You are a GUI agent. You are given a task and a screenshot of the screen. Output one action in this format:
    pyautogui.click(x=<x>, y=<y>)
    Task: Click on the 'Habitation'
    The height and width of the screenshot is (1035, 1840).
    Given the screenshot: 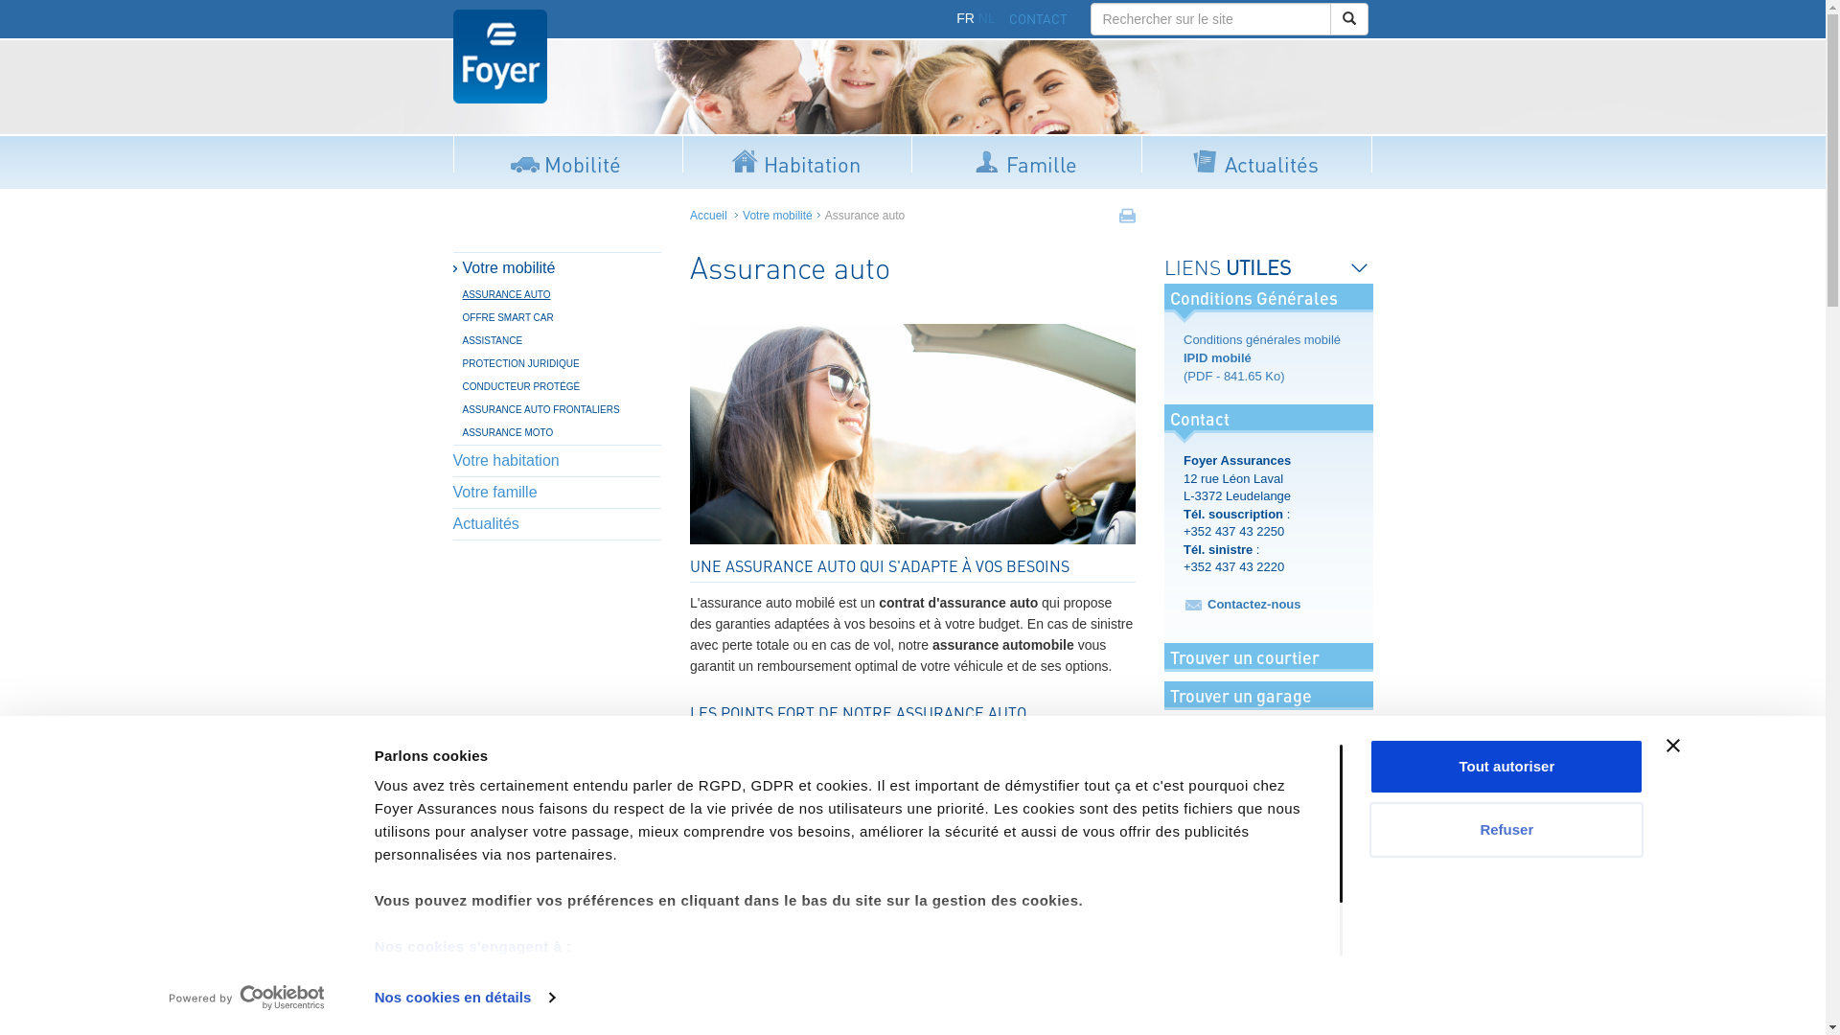 What is the action you would take?
    pyautogui.click(x=796, y=160)
    